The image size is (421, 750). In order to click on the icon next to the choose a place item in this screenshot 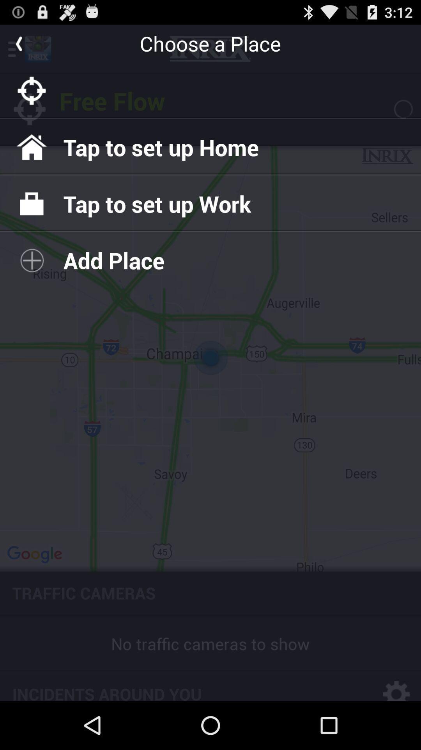, I will do `click(18, 43)`.